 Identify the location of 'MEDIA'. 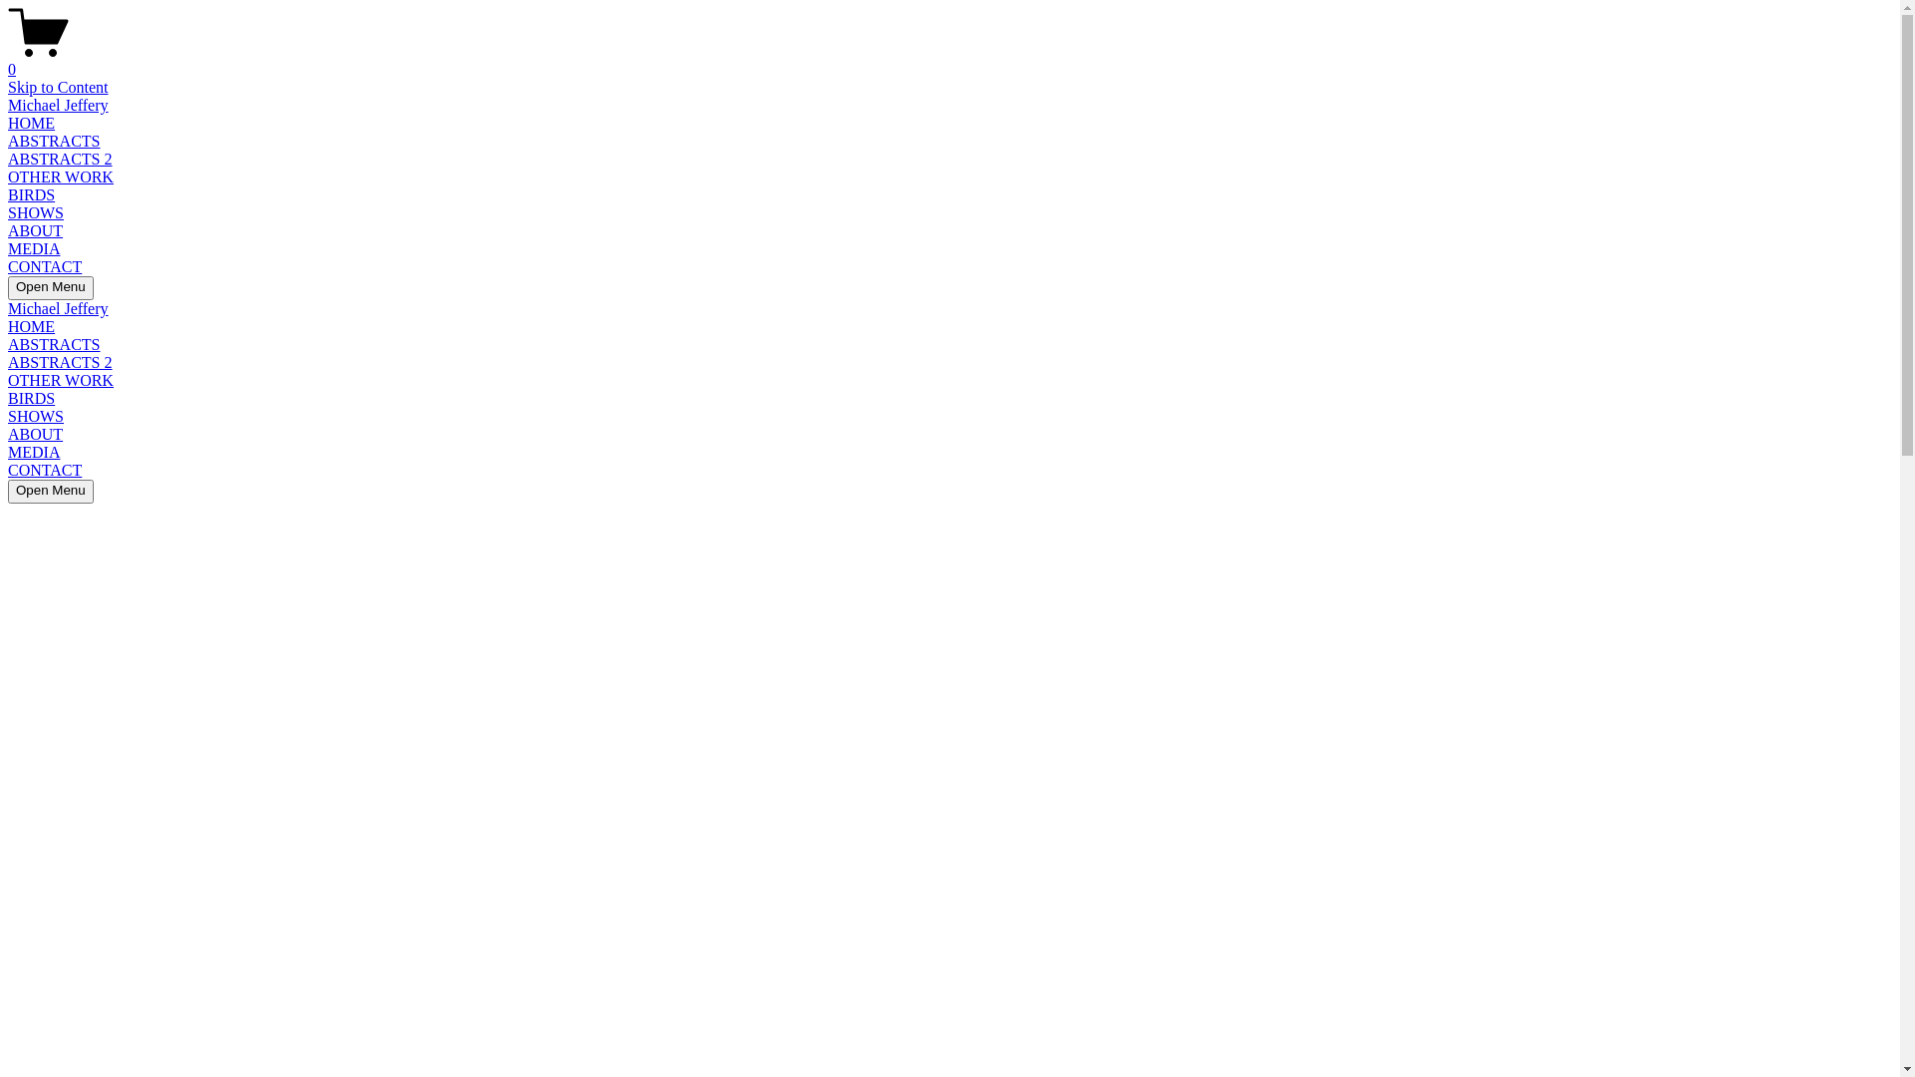
(33, 452).